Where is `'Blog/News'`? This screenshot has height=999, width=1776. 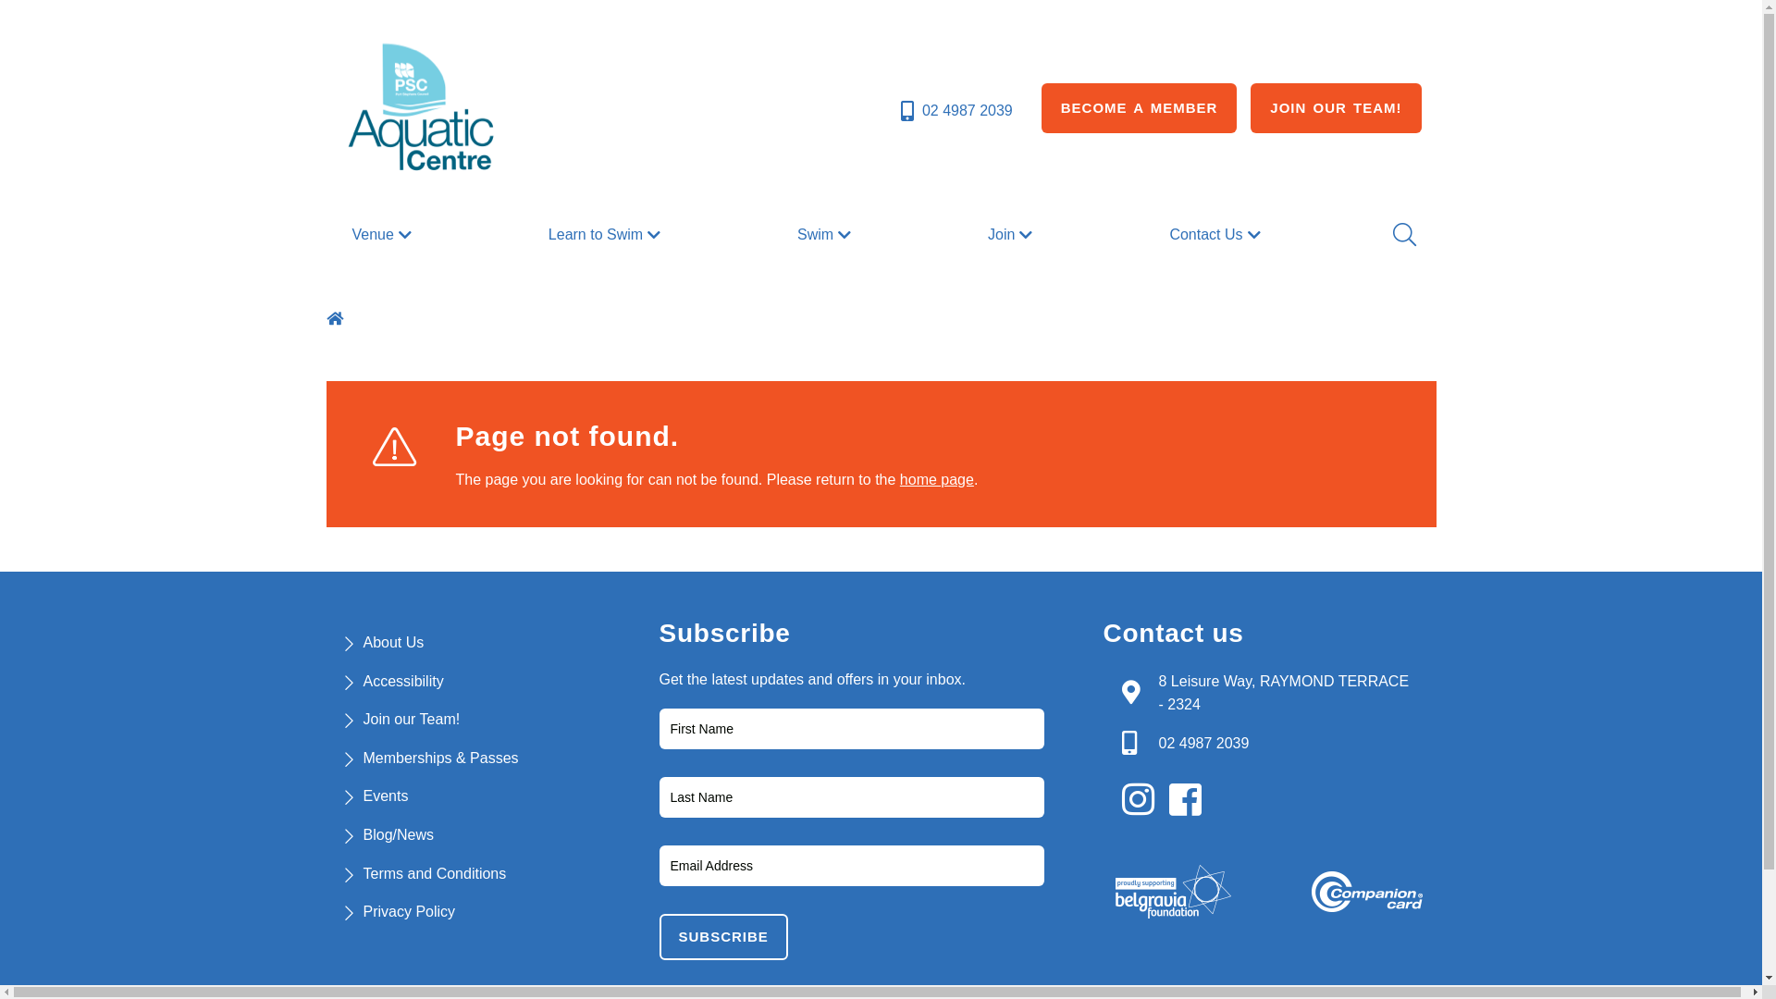 'Blog/News' is located at coordinates (397, 834).